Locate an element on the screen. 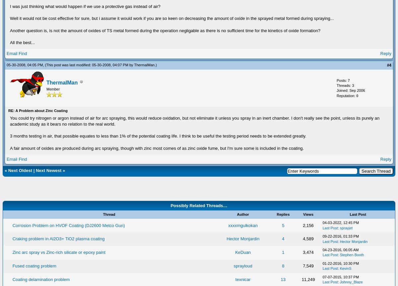  'Zinc arc spray vs Zinc-rich silicate or epoxy paint' is located at coordinates (58, 252).